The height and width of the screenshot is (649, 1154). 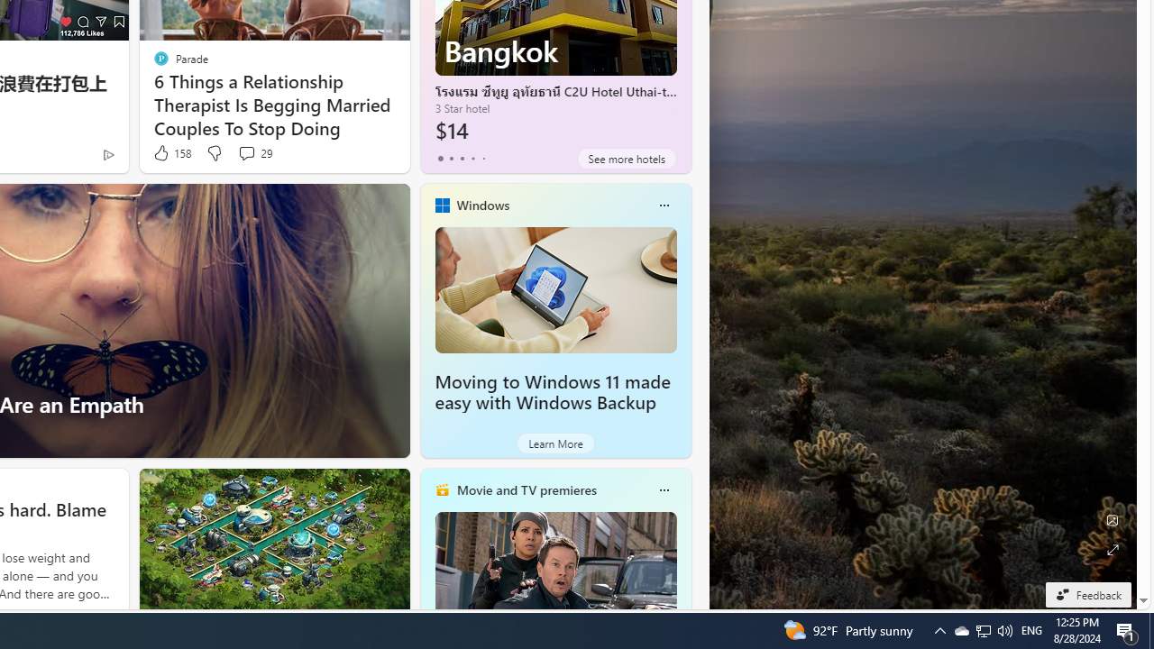 What do you see at coordinates (663, 489) in the screenshot?
I see `'Class: icon-img'` at bounding box center [663, 489].